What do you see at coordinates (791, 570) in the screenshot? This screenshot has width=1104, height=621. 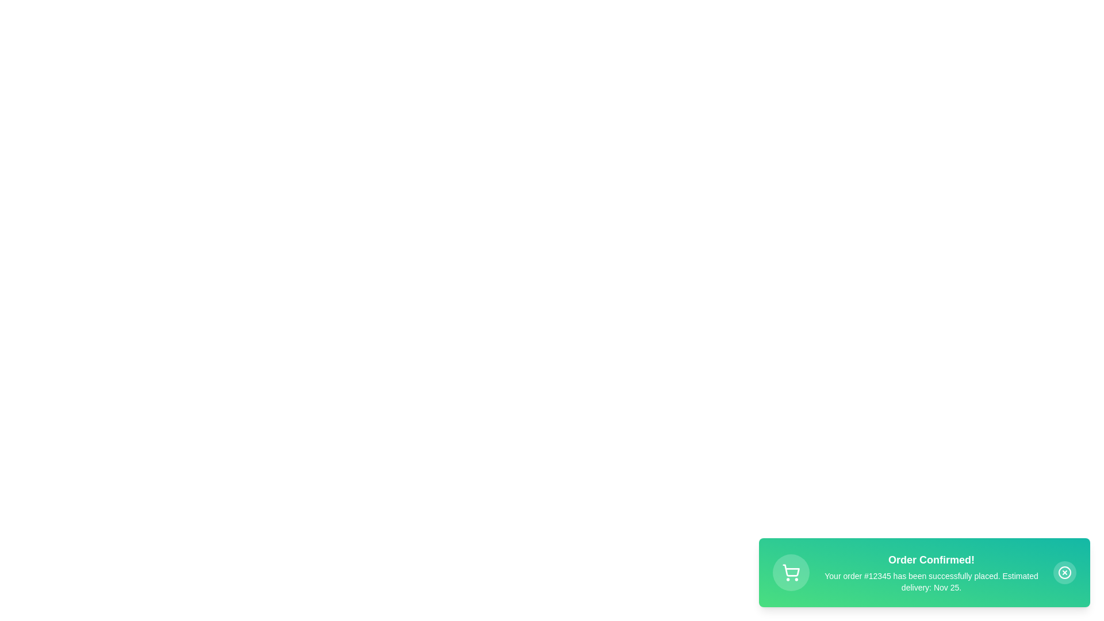 I see `the shopping cart icon, which has a rectangular basket with slanted edges and a green background, located in the lower-right portion of the interface` at bounding box center [791, 570].